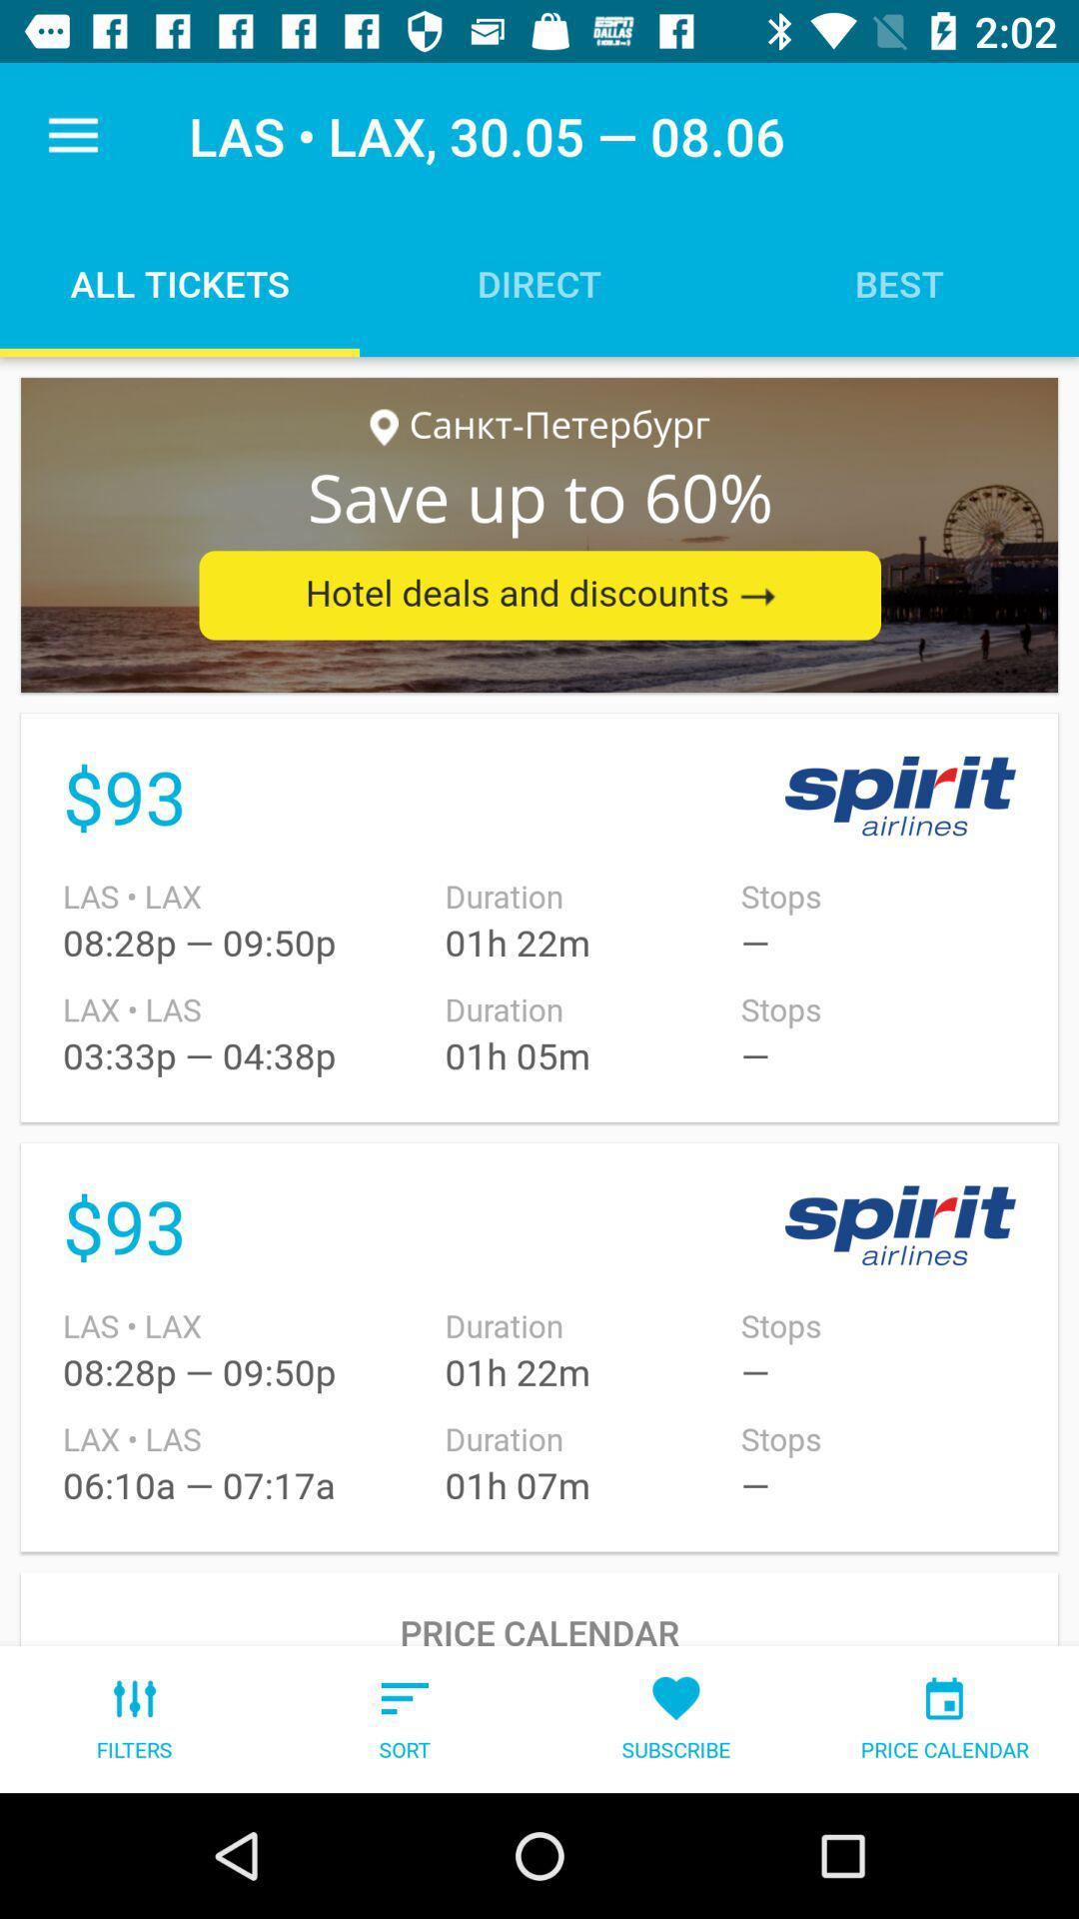 The image size is (1079, 1919). What do you see at coordinates (539, 535) in the screenshot?
I see `advertisement display` at bounding box center [539, 535].